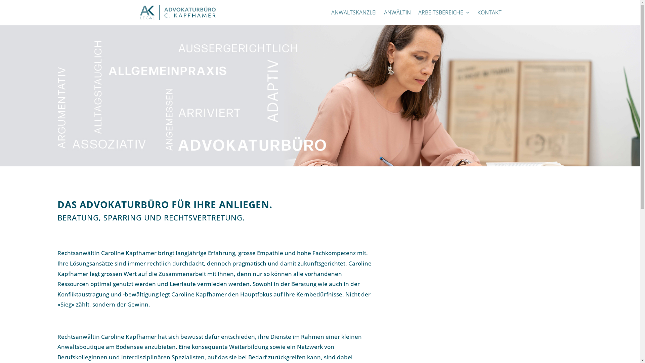 This screenshot has width=645, height=363. Describe the element at coordinates (353, 17) in the screenshot. I see `'ANWALTSKANZLEI'` at that location.